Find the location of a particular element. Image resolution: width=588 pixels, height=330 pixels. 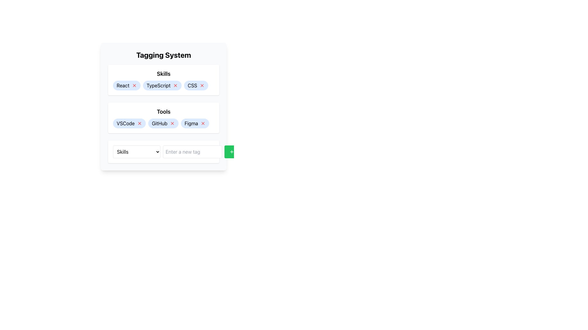

the text input field labeled 'Enter a new tag', which is the second element in a row, to potentially trigger visual feedback is located at coordinates (192, 152).